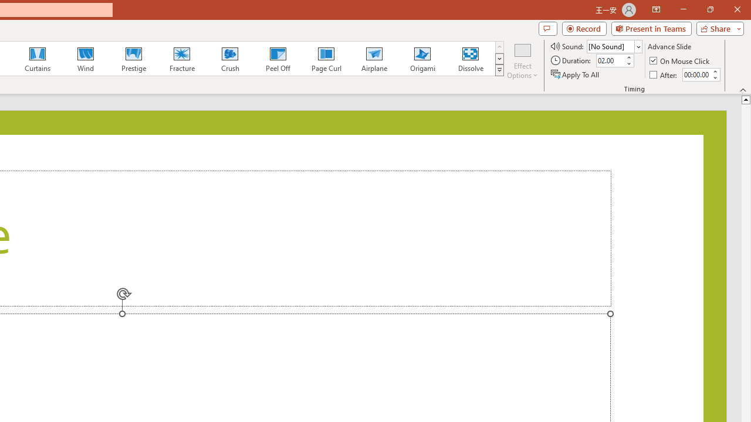 Image resolution: width=751 pixels, height=422 pixels. Describe the element at coordinates (576, 74) in the screenshot. I see `'Apply To All'` at that location.